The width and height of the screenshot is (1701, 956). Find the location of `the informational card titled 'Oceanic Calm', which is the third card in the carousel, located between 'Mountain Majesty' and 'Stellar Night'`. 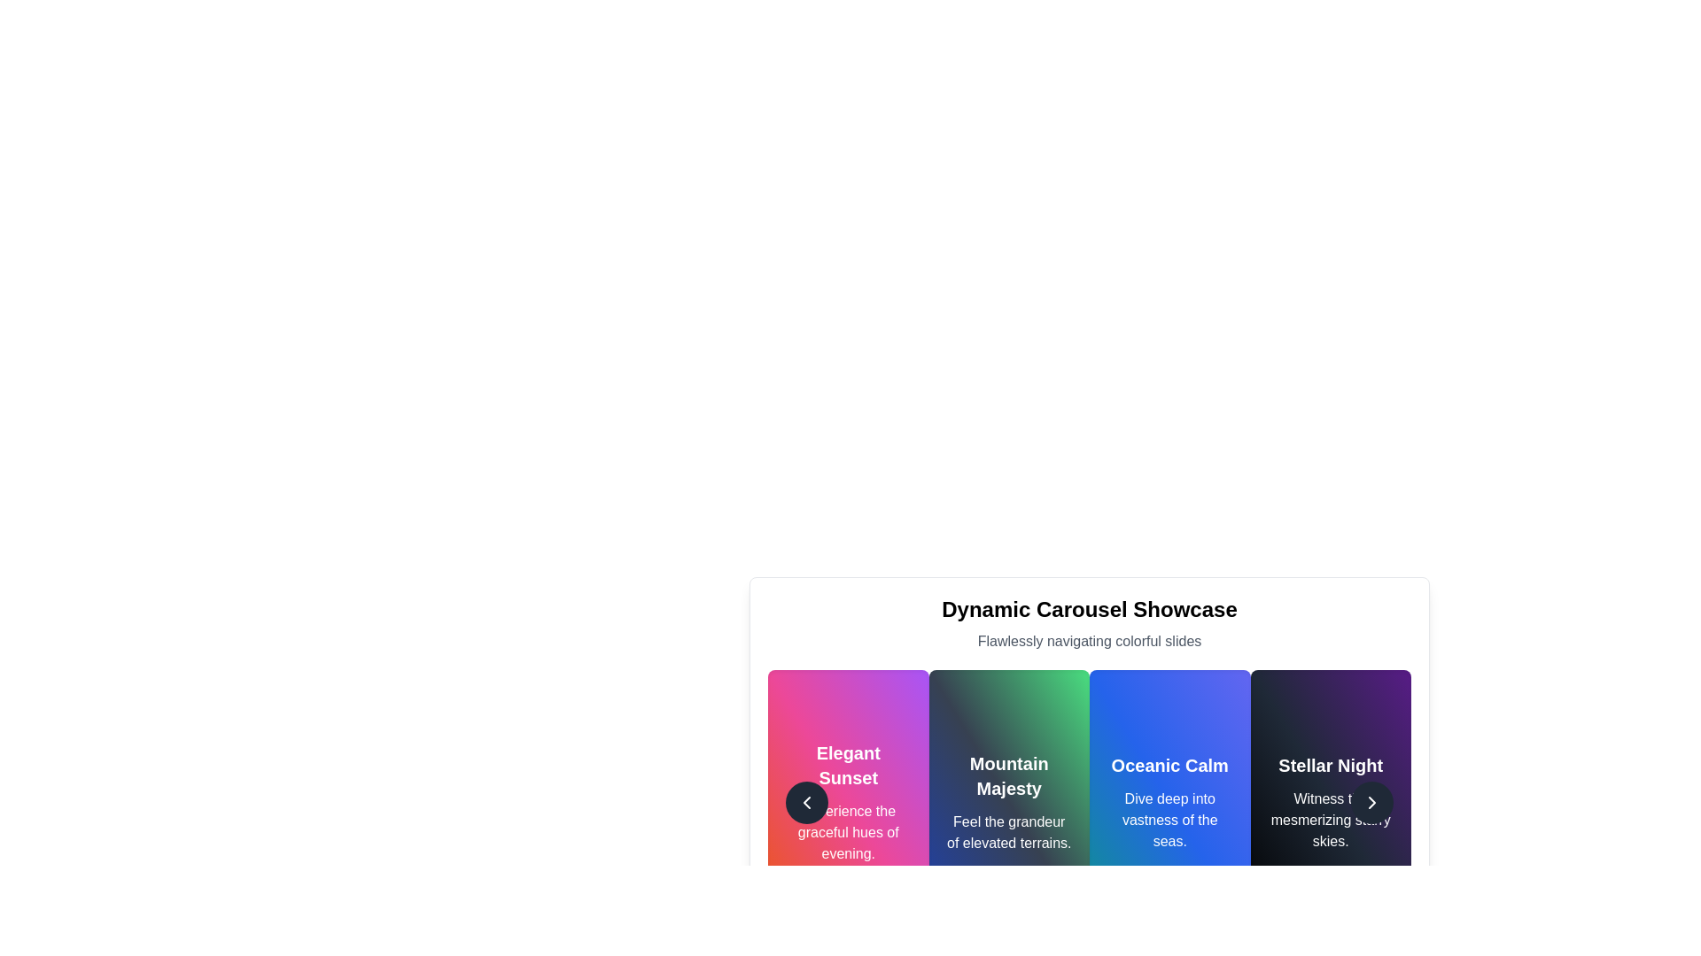

the informational card titled 'Oceanic Calm', which is the third card in the carousel, located between 'Mountain Majesty' and 'Stellar Night' is located at coordinates (1169, 802).